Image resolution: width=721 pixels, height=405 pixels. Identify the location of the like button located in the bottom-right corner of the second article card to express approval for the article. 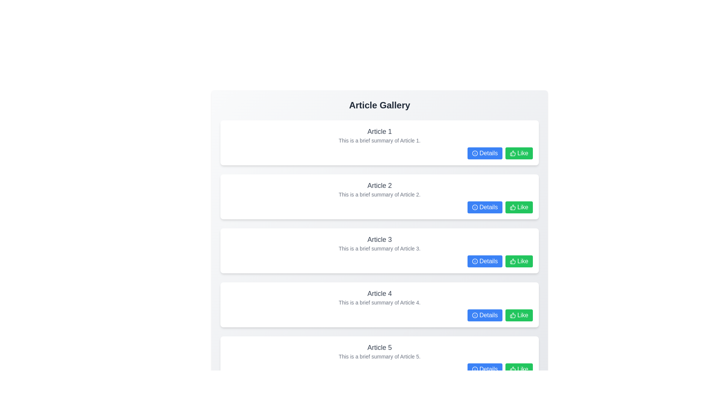
(519, 207).